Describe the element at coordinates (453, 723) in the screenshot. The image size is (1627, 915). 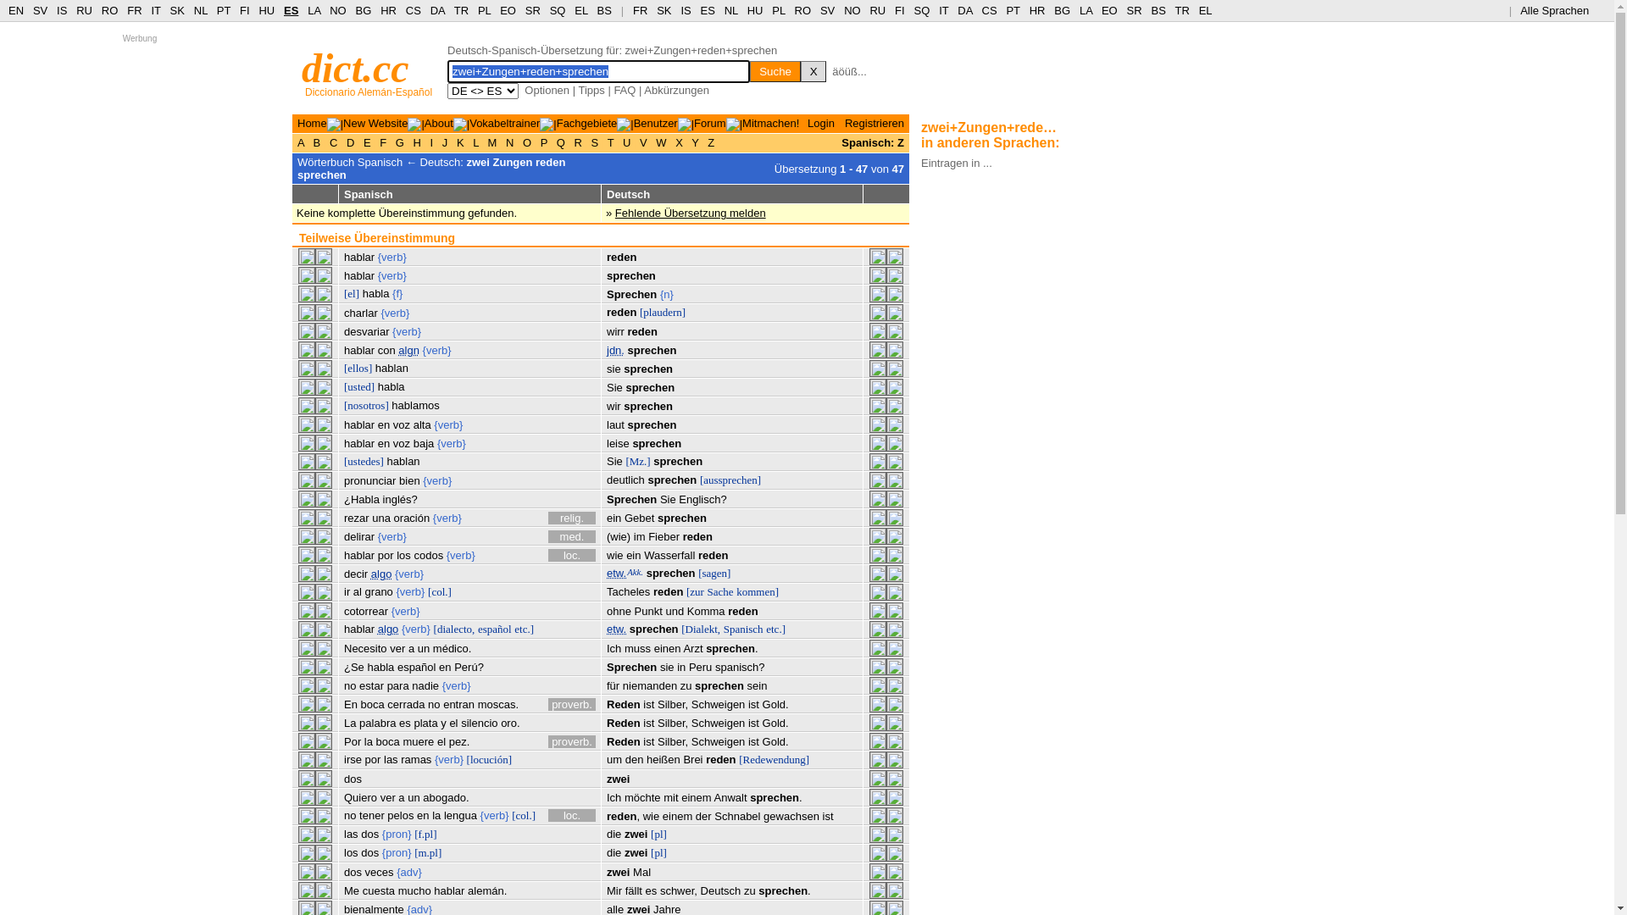
I see `'el'` at that location.